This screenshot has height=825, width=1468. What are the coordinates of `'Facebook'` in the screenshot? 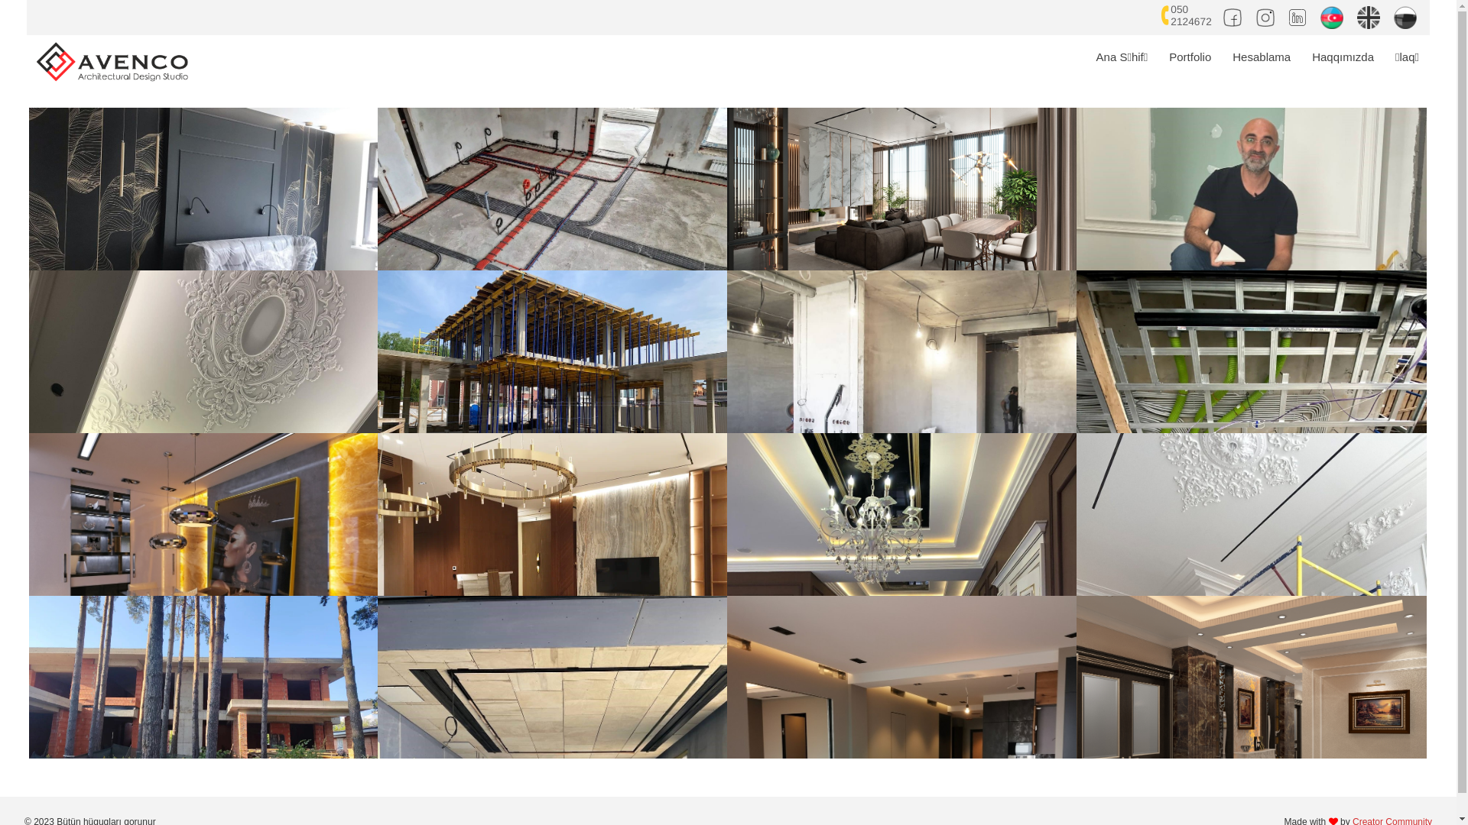 It's located at (1234, 15).